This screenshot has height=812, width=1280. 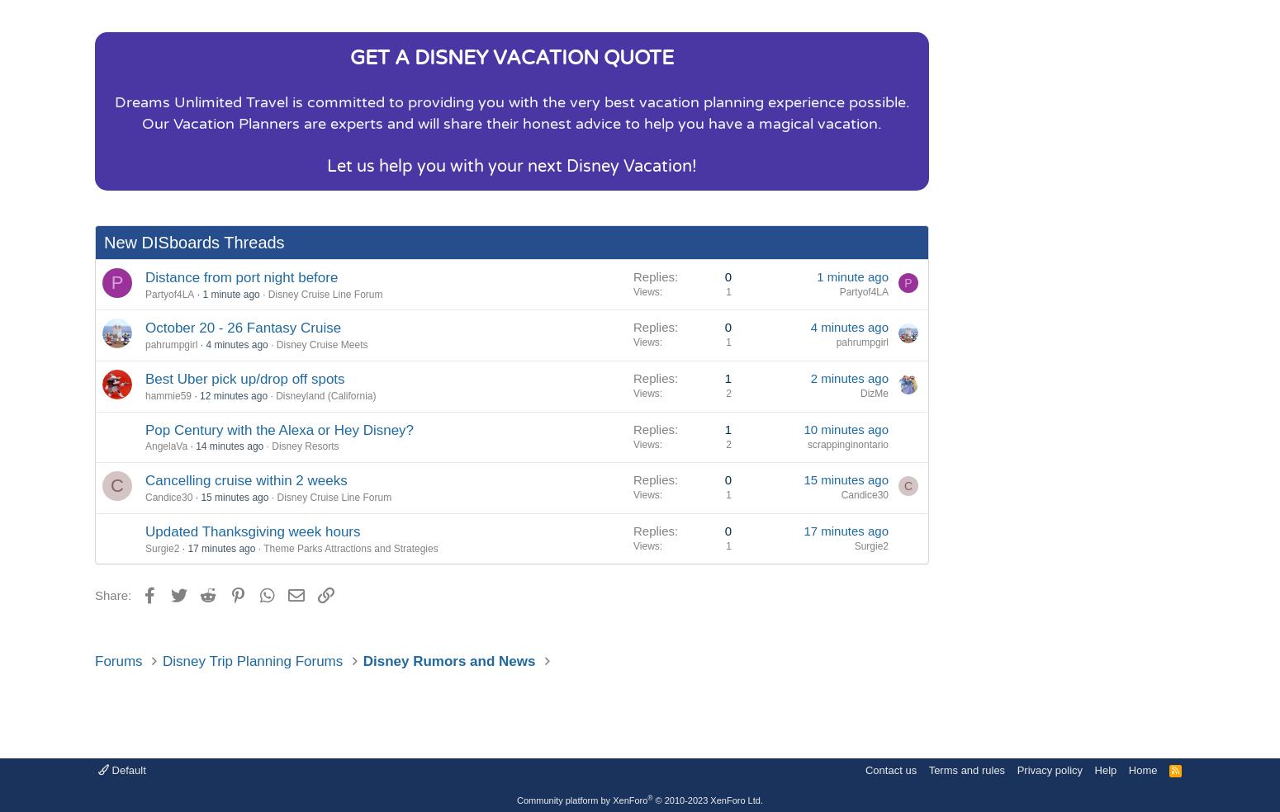 What do you see at coordinates (144, 328) in the screenshot?
I see `'October 20 - 26 Fantasy Cruise'` at bounding box center [144, 328].